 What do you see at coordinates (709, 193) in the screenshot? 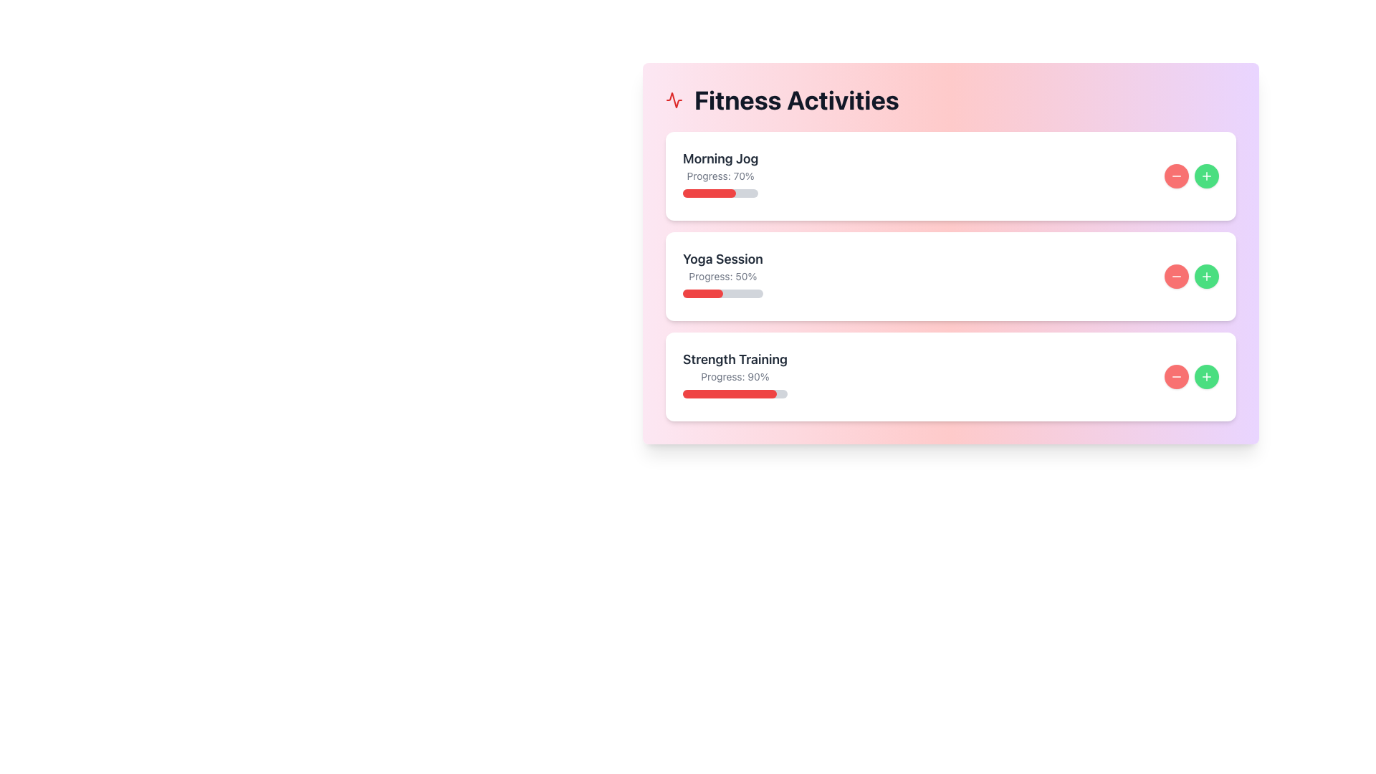
I see `the Progress Bar Segment representing the current progress of the 'Morning Jog' activity in the 'Fitness Activities' section` at bounding box center [709, 193].